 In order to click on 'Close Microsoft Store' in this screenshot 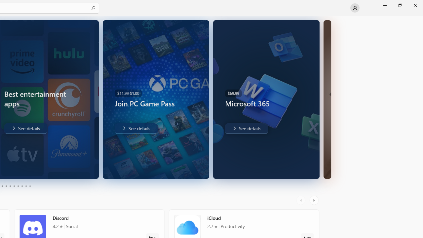, I will do `click(415, 5)`.